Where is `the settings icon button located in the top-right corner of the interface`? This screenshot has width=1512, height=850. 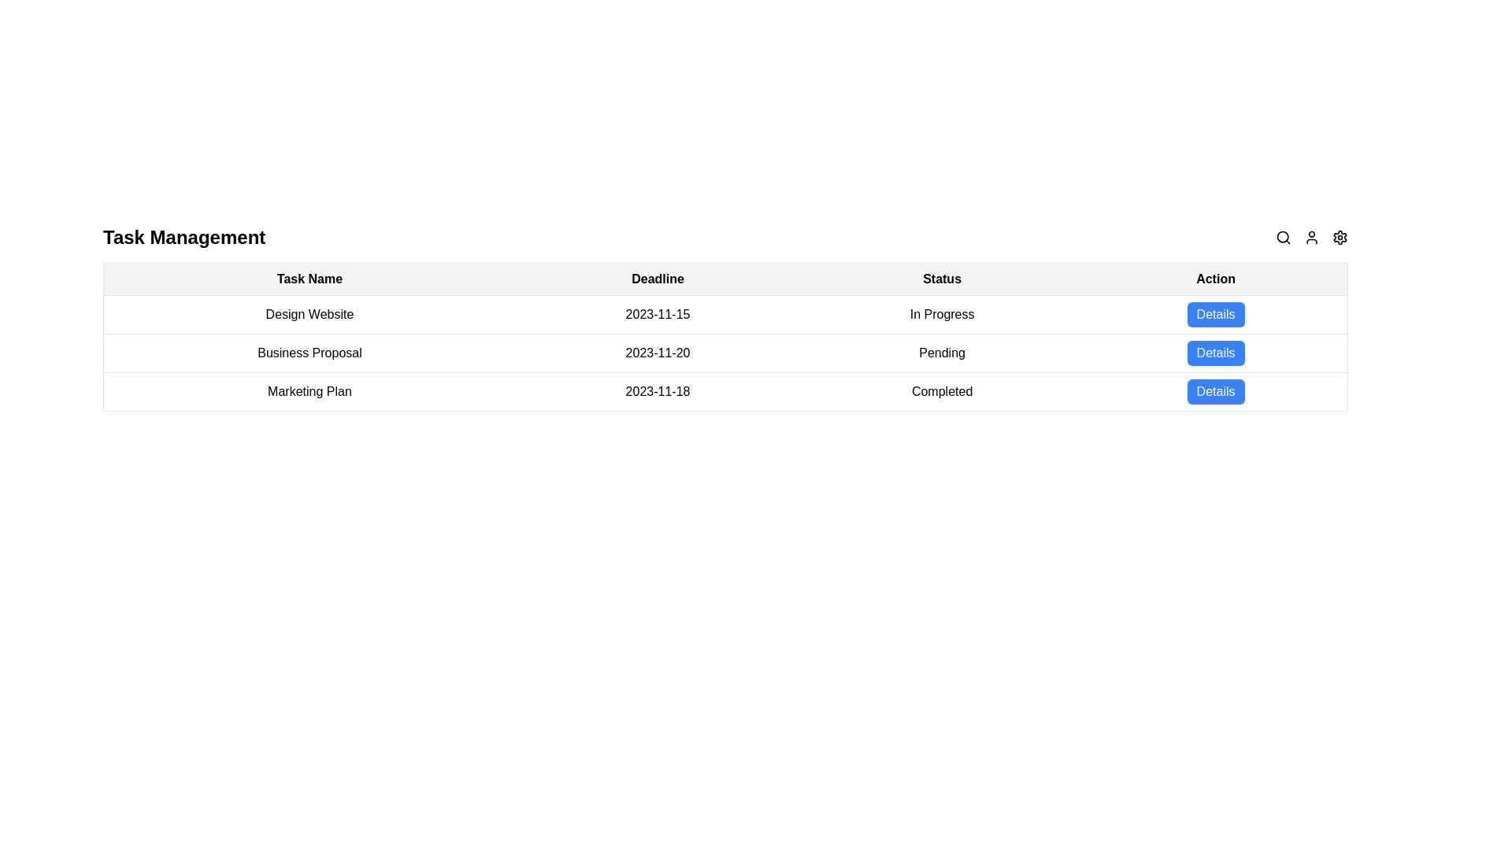
the settings icon button located in the top-right corner of the interface is located at coordinates (1340, 237).